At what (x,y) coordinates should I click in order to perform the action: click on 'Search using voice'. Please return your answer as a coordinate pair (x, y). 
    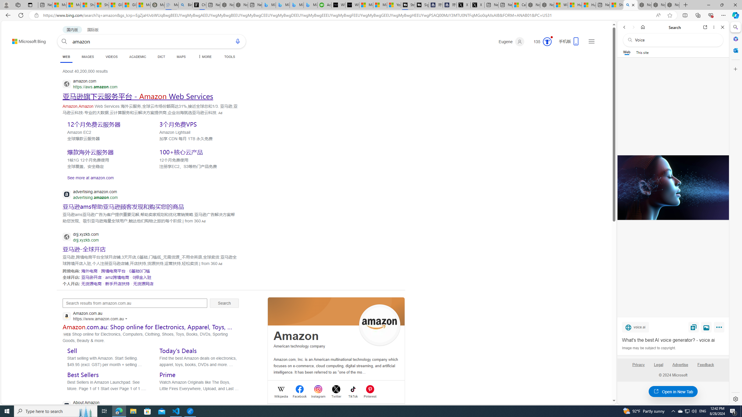
    Looking at the image, I should click on (237, 41).